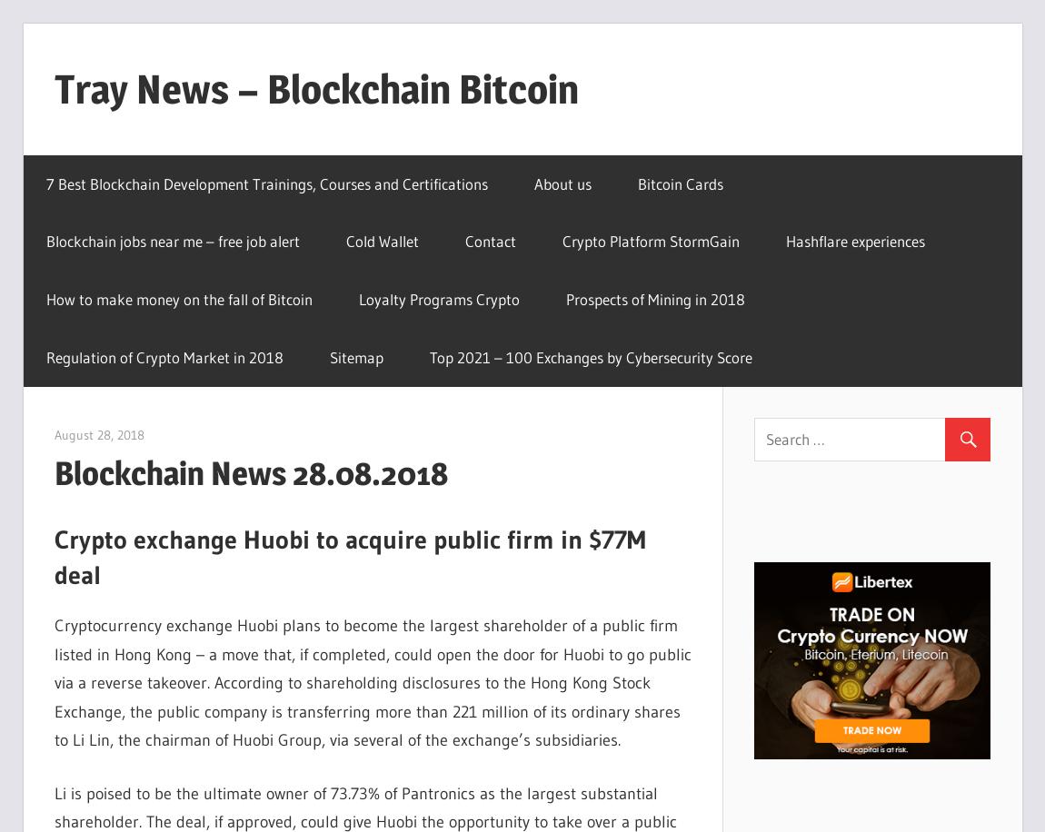 The image size is (1045, 832). What do you see at coordinates (356, 356) in the screenshot?
I see `'Sitemap'` at bounding box center [356, 356].